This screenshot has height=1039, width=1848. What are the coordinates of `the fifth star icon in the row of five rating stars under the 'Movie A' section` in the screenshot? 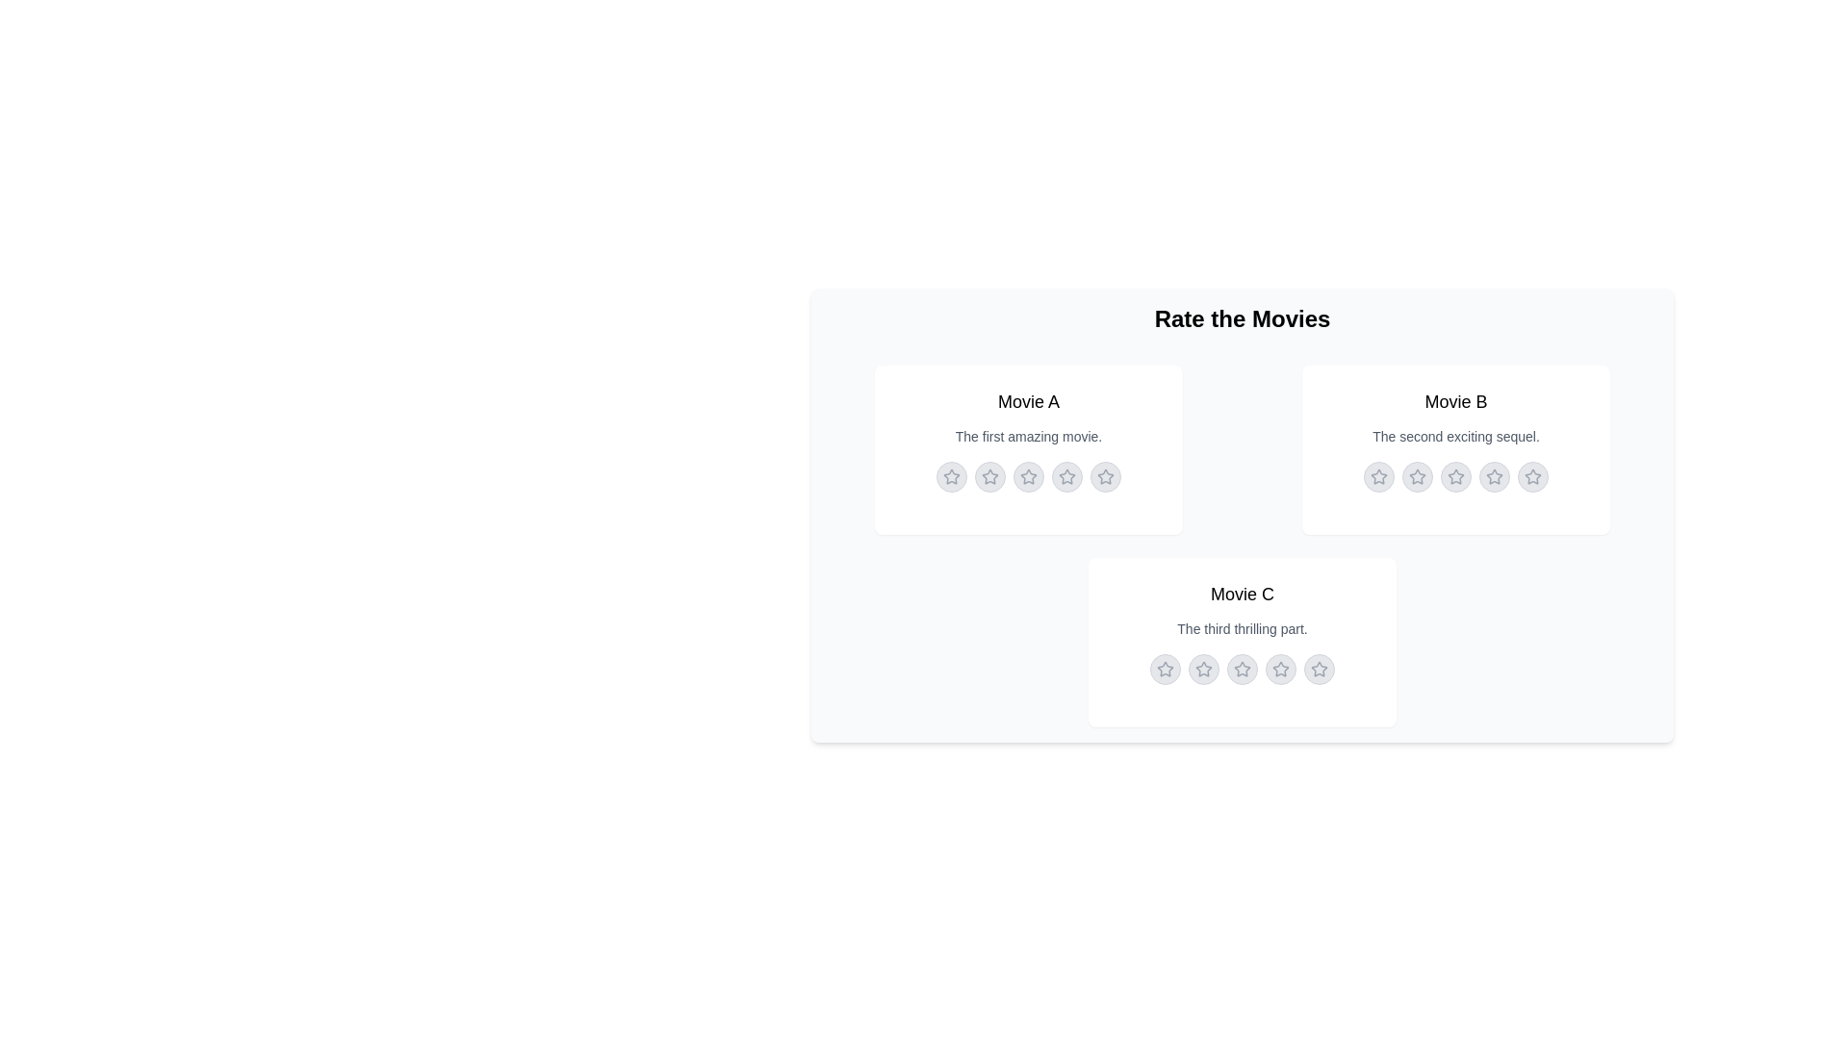 It's located at (1105, 476).